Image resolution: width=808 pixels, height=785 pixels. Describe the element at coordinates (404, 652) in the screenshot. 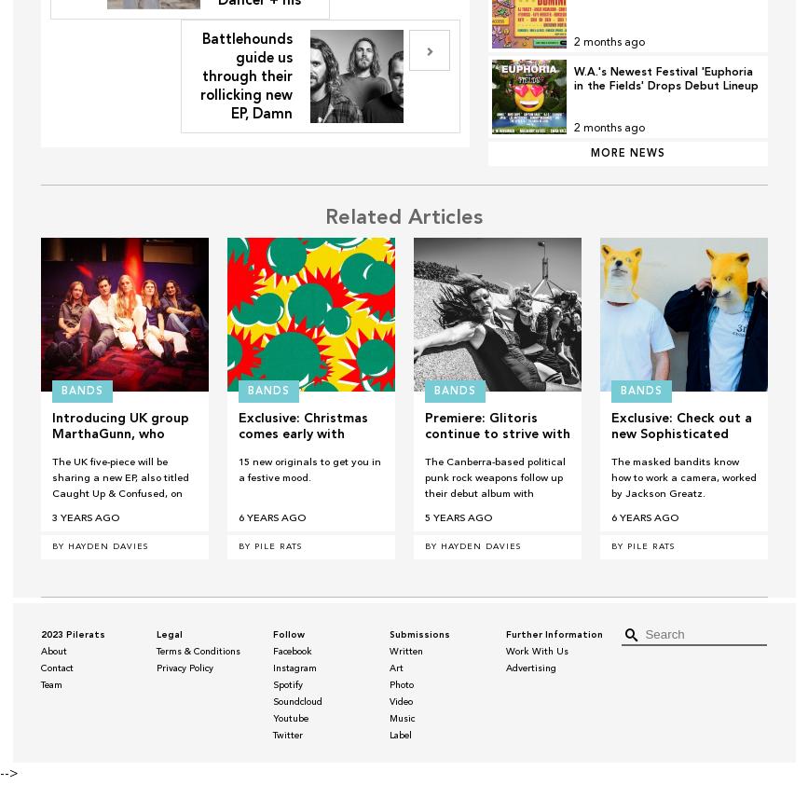

I see `'Written'` at that location.